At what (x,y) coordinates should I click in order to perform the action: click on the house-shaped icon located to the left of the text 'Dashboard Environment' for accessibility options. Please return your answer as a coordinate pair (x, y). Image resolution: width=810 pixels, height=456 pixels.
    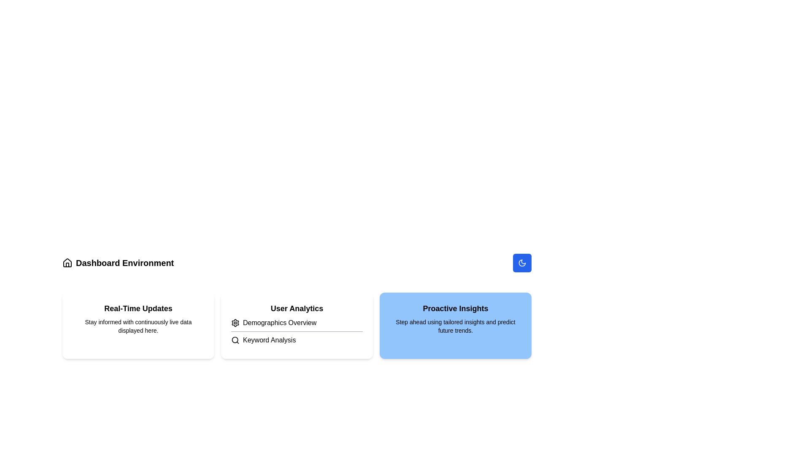
    Looking at the image, I should click on (67, 263).